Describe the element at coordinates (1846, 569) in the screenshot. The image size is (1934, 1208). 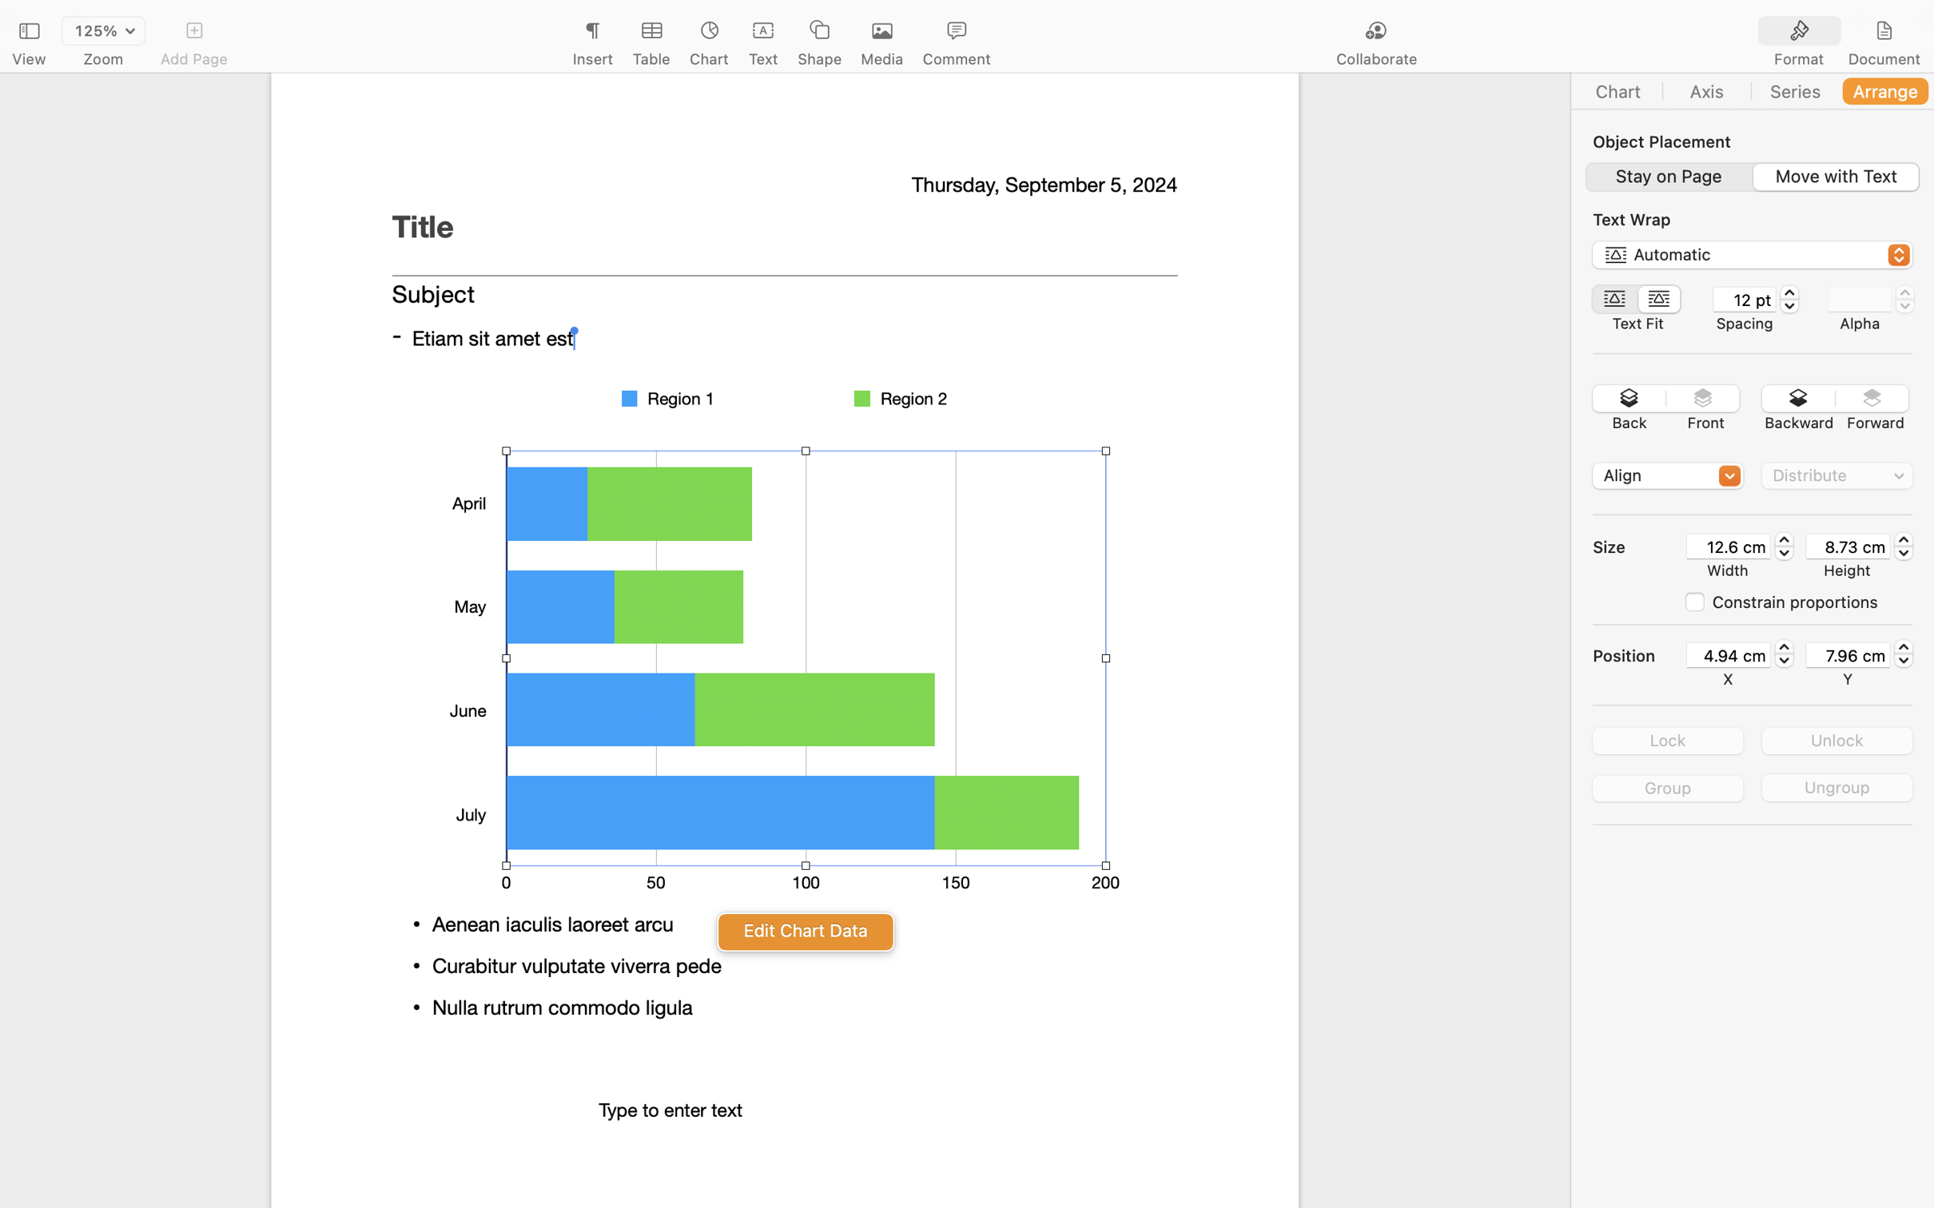
I see `'Height'` at that location.